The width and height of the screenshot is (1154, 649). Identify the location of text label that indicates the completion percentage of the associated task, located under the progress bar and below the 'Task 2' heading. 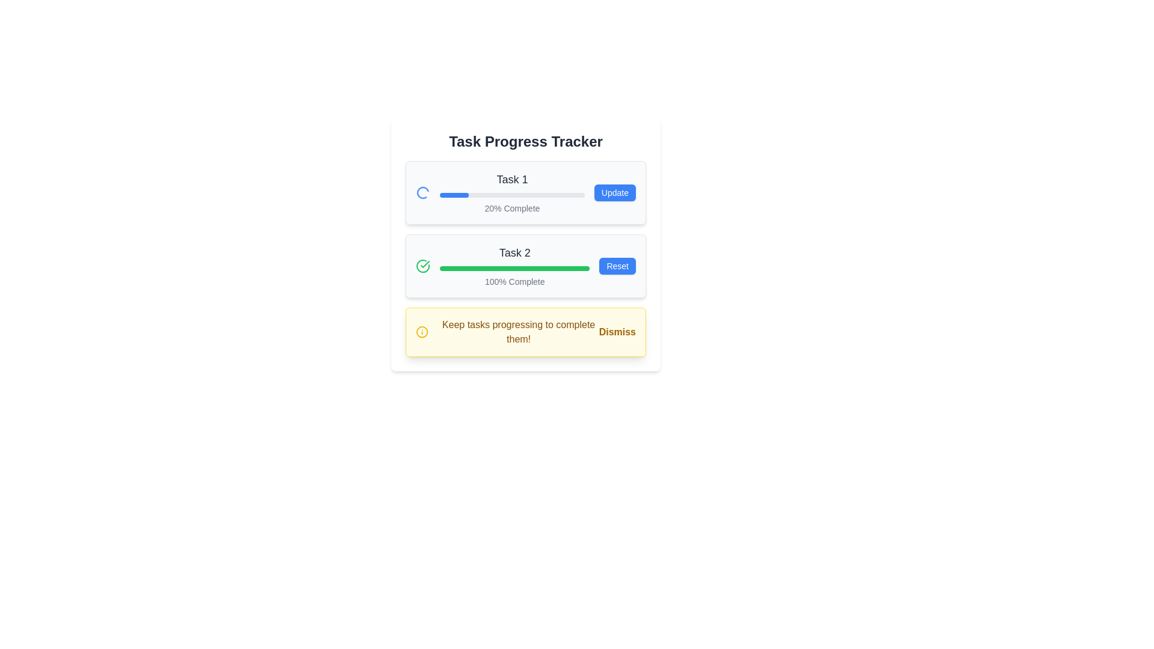
(514, 282).